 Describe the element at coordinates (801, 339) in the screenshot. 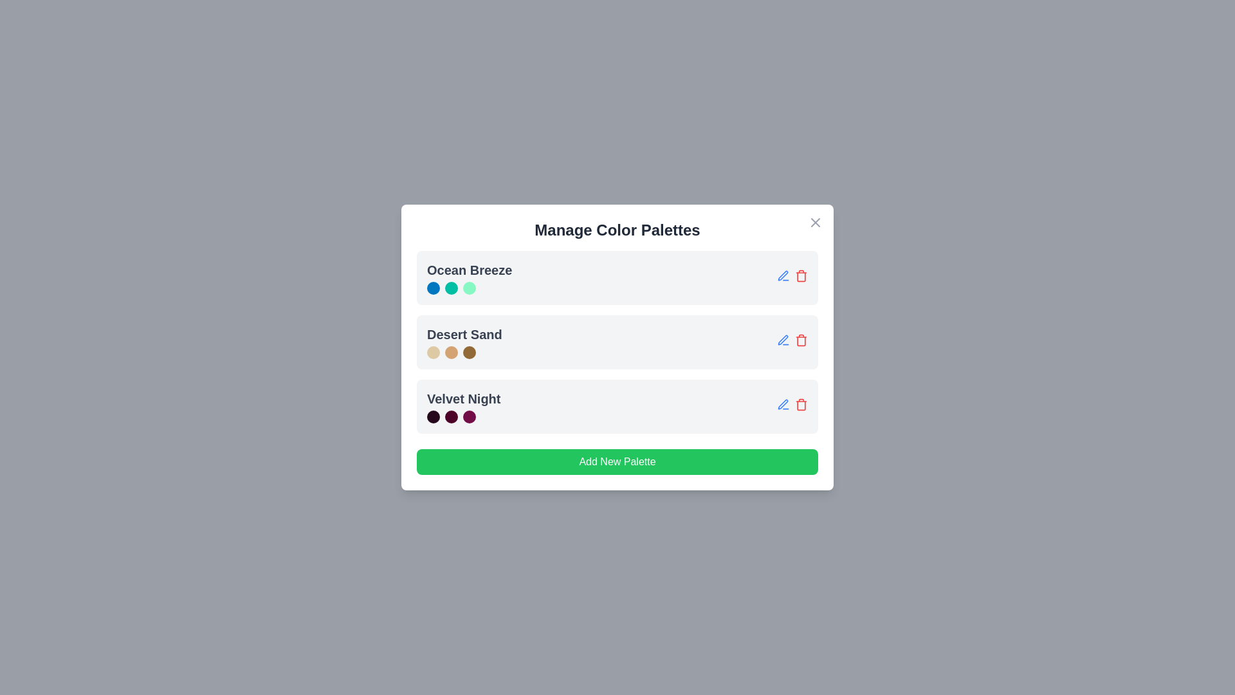

I see `the color palette named Desert Sand by clicking on its associated delete icon` at that location.